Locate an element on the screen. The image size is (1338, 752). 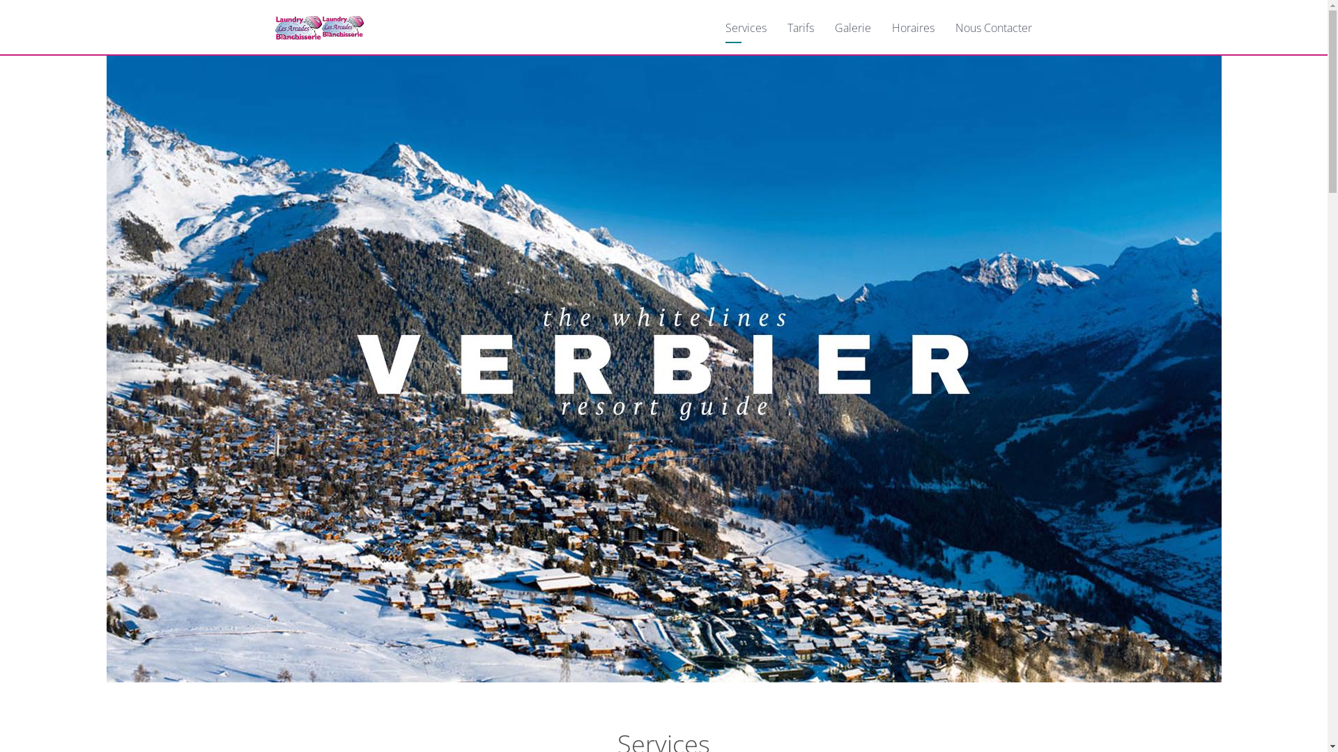
'Services' is located at coordinates (744, 27).